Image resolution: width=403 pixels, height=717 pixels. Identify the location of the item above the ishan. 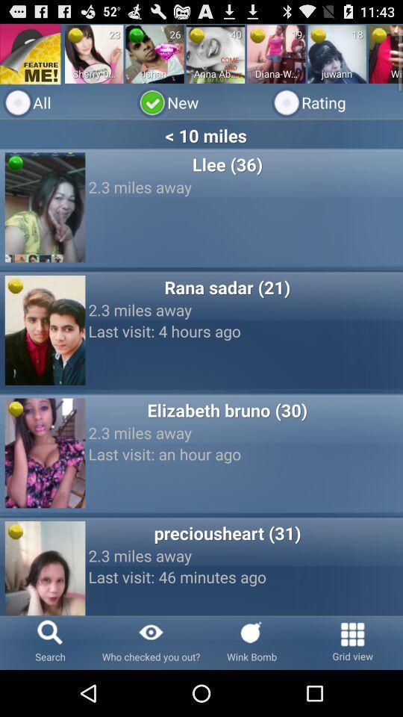
(166, 51).